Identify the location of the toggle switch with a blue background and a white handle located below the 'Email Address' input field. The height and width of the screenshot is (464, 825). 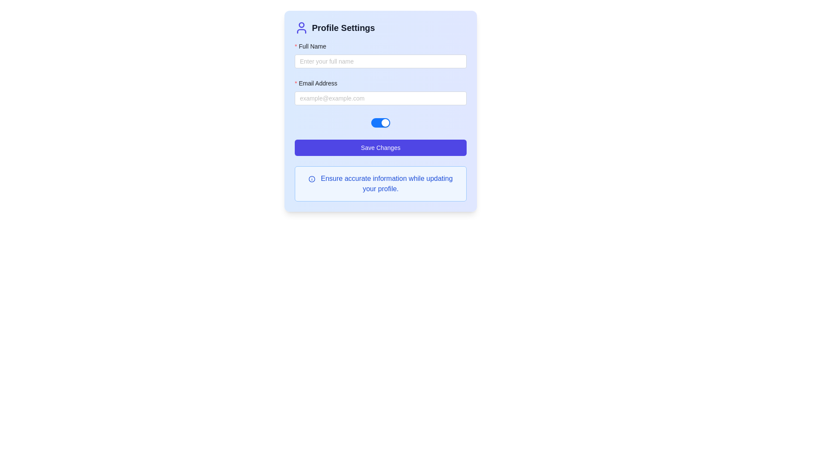
(380, 122).